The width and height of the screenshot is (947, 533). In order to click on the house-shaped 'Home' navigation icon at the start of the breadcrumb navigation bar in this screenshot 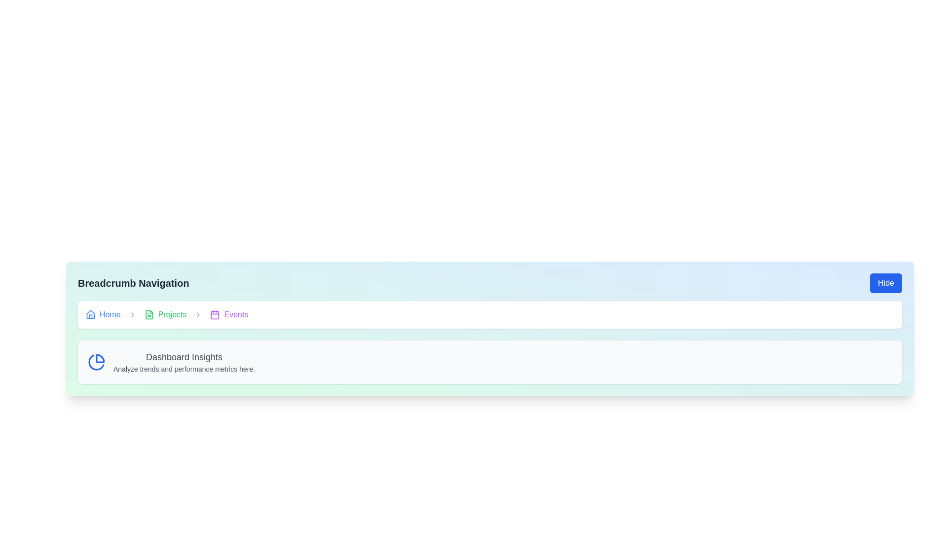, I will do `click(90, 314)`.